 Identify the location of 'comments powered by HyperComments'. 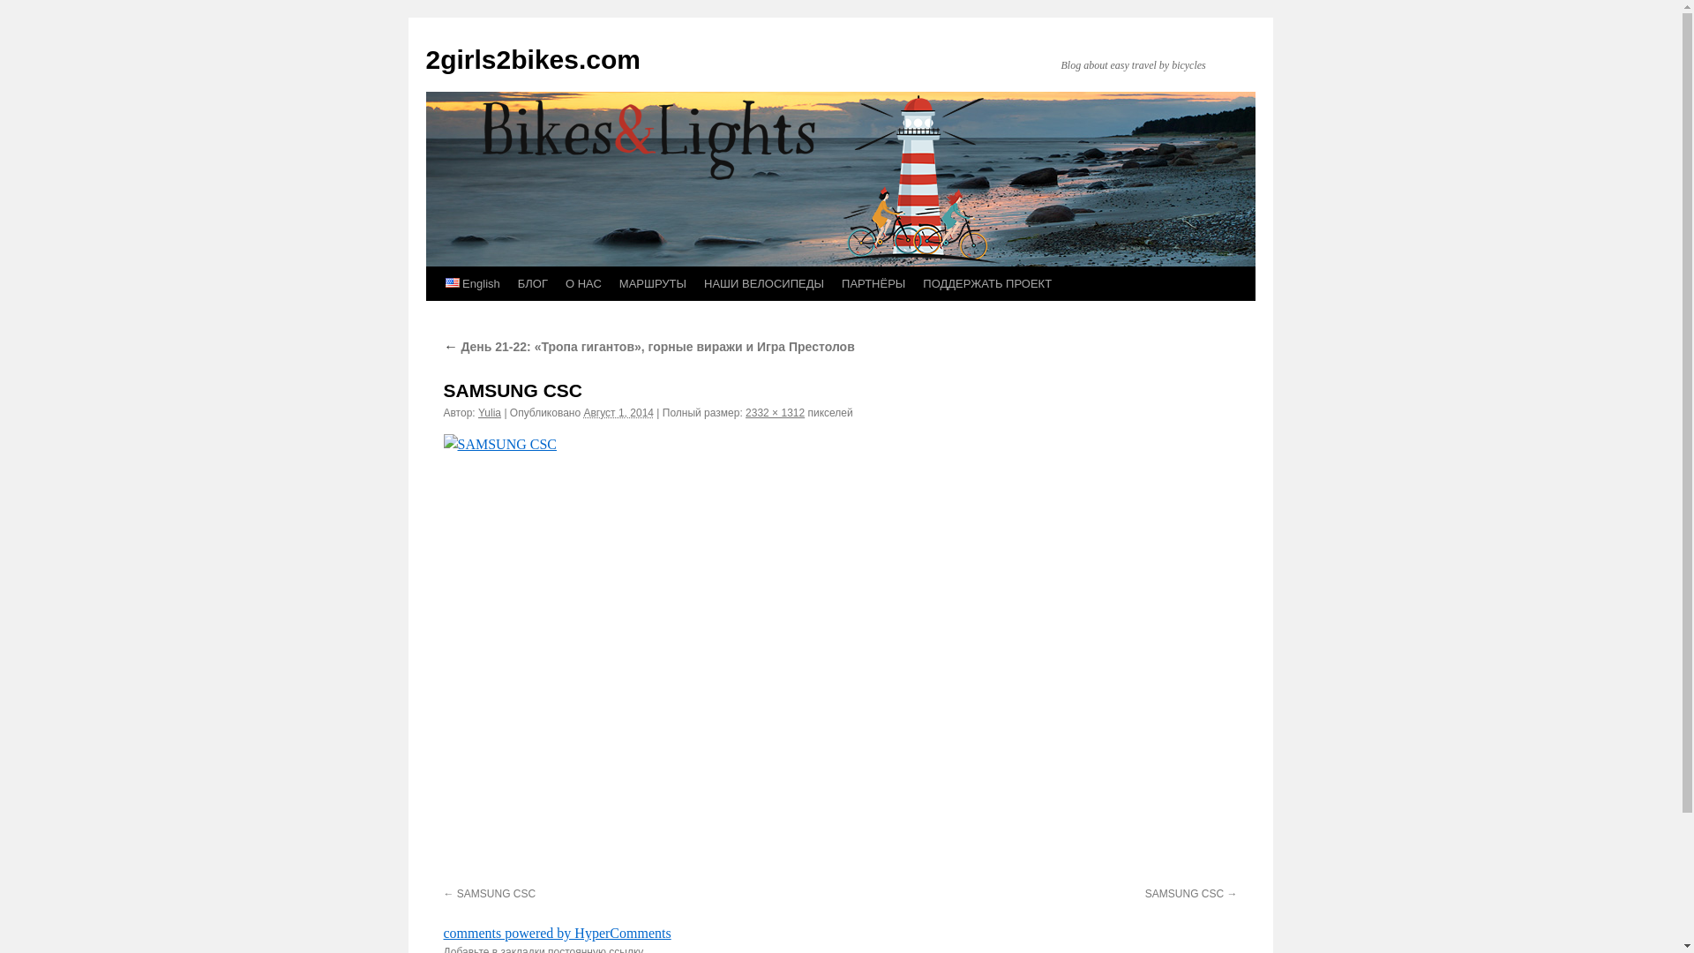
(443, 932).